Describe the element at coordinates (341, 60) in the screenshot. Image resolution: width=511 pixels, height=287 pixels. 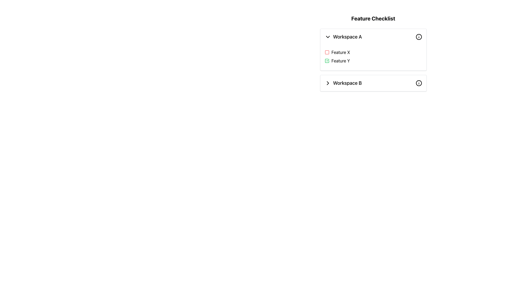
I see `the 'Feature Y' text label, which is styled in a simple black font and located next to a green checkmark icon in the 'Feature Checklist' panel under 'Workspace A'` at that location.